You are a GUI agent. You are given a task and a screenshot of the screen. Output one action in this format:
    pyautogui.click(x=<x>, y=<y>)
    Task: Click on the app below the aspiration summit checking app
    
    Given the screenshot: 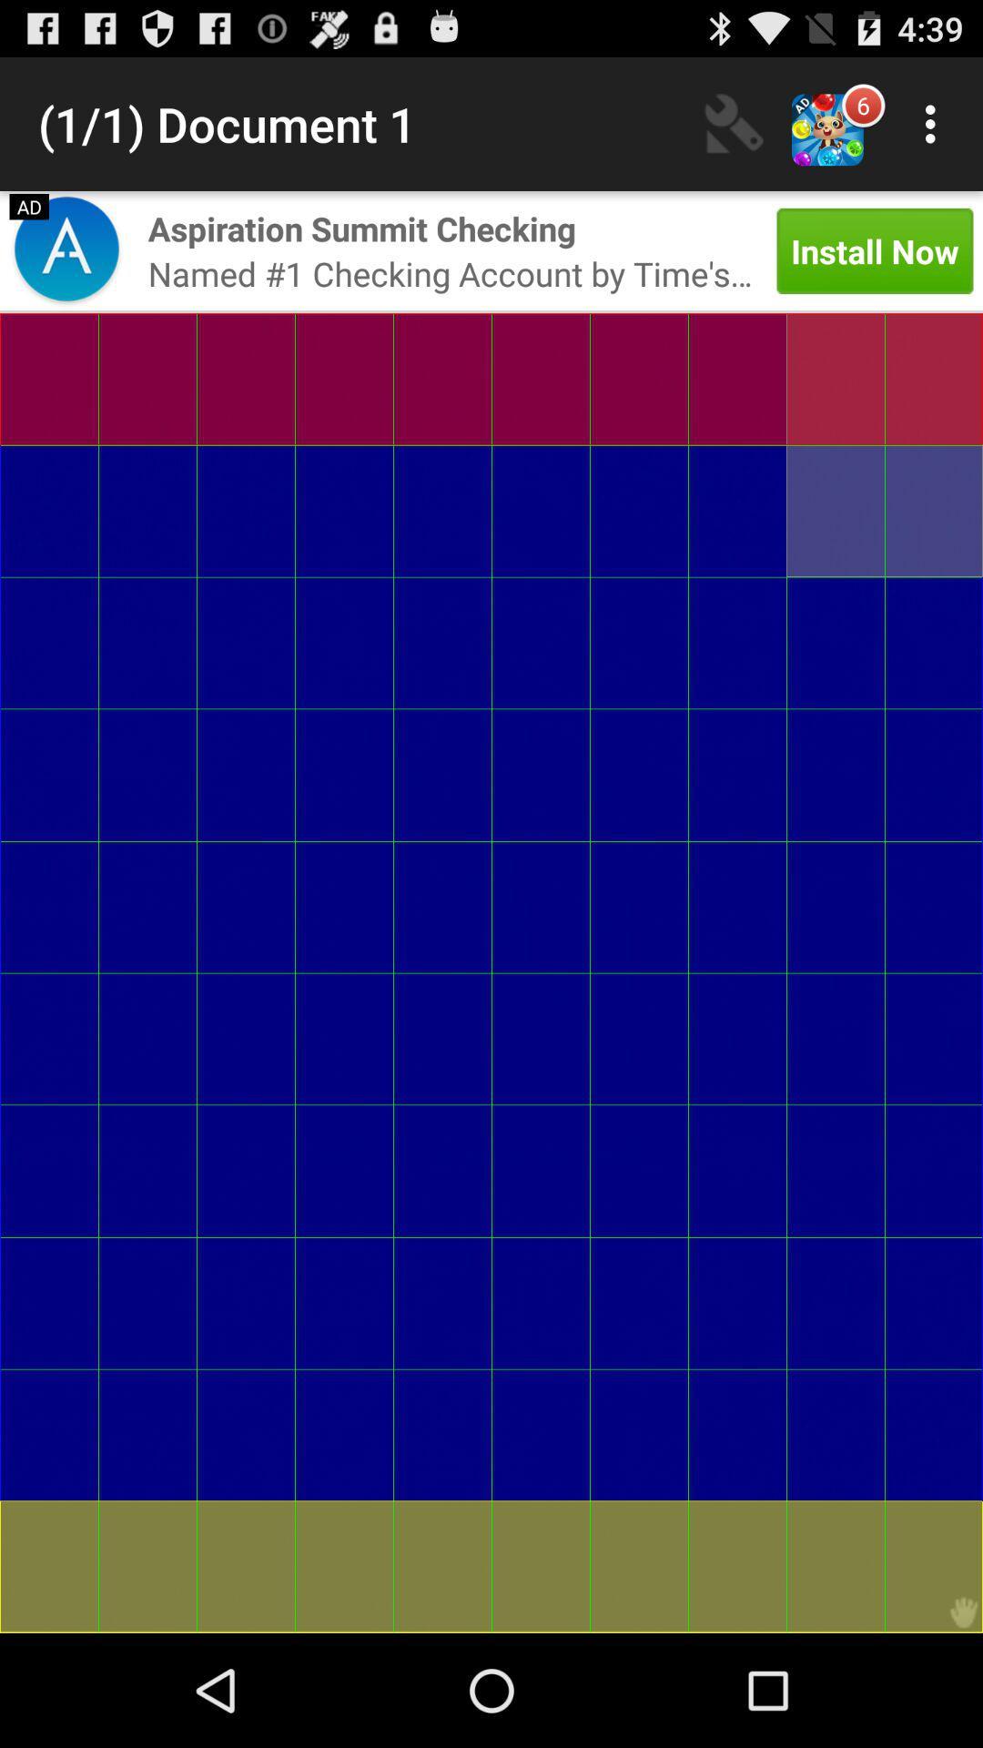 What is the action you would take?
    pyautogui.click(x=450, y=272)
    